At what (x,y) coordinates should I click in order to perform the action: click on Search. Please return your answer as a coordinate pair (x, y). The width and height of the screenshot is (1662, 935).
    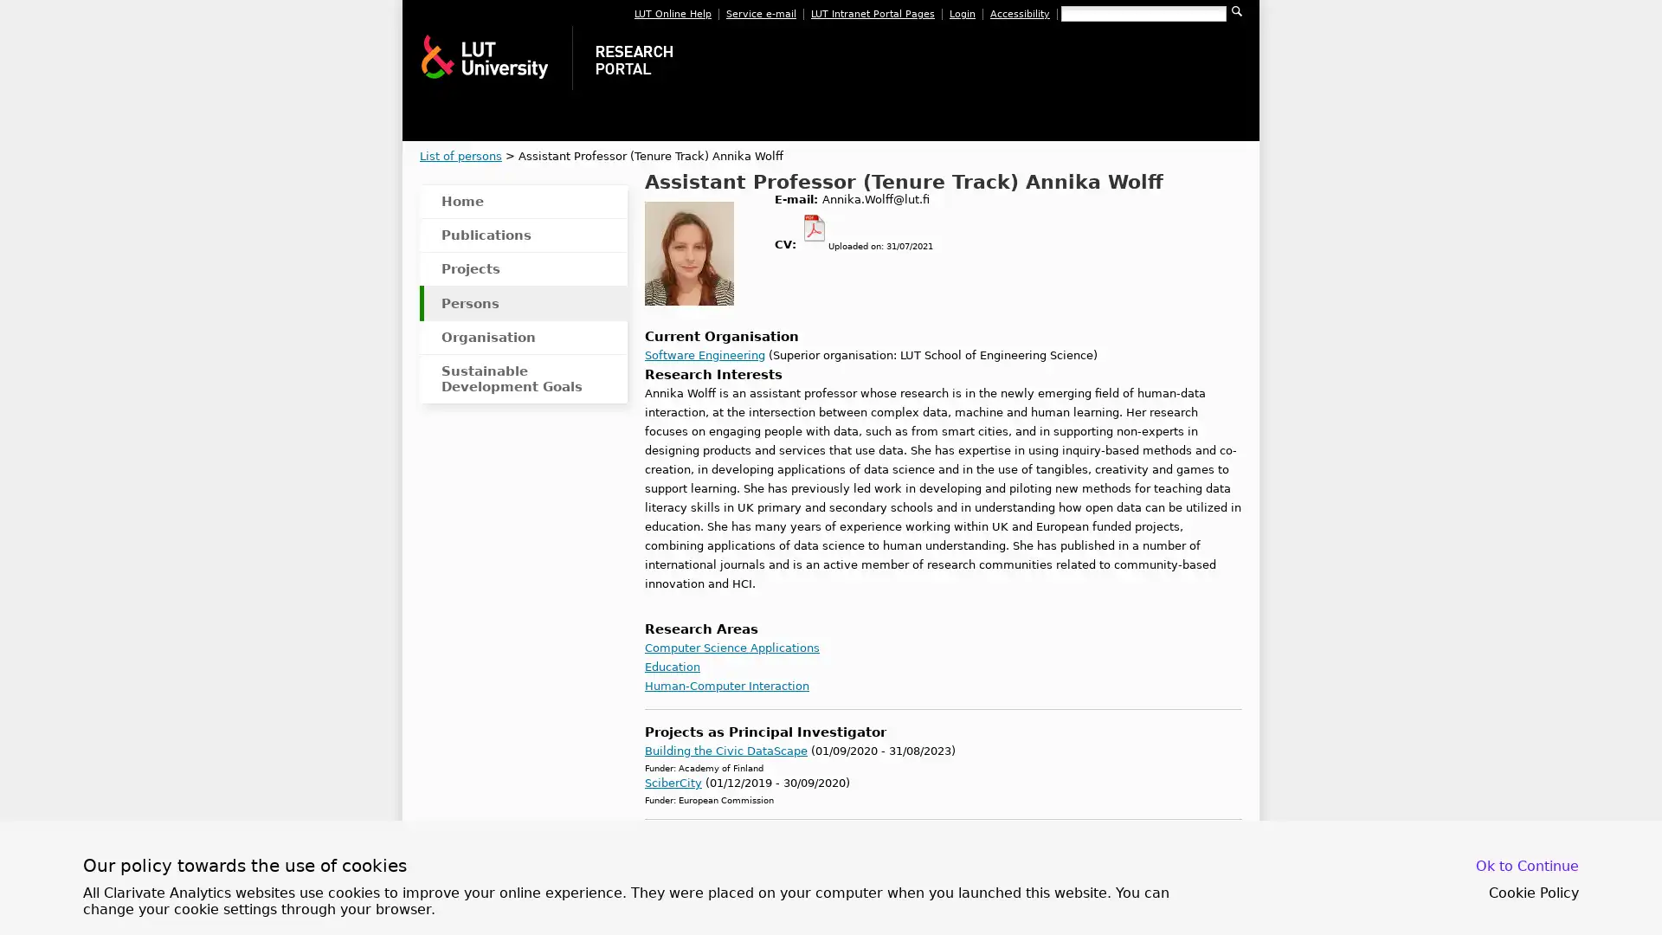
    Looking at the image, I should click on (1236, 10).